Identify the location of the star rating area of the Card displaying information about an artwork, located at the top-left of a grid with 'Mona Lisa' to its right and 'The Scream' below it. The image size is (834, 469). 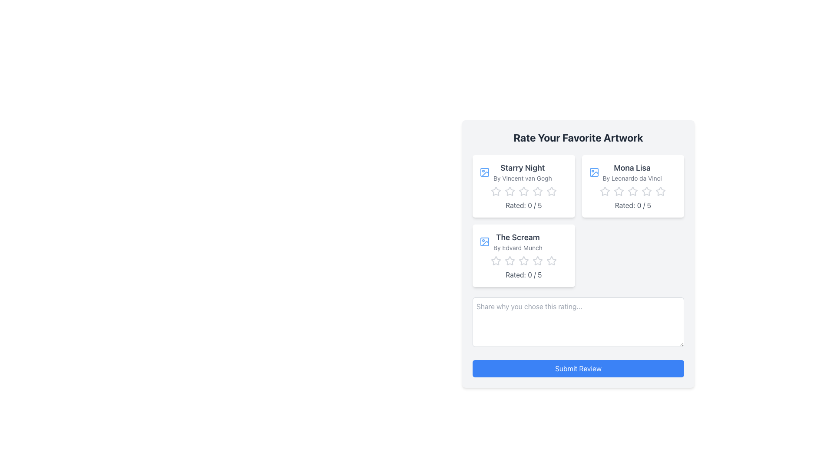
(523, 185).